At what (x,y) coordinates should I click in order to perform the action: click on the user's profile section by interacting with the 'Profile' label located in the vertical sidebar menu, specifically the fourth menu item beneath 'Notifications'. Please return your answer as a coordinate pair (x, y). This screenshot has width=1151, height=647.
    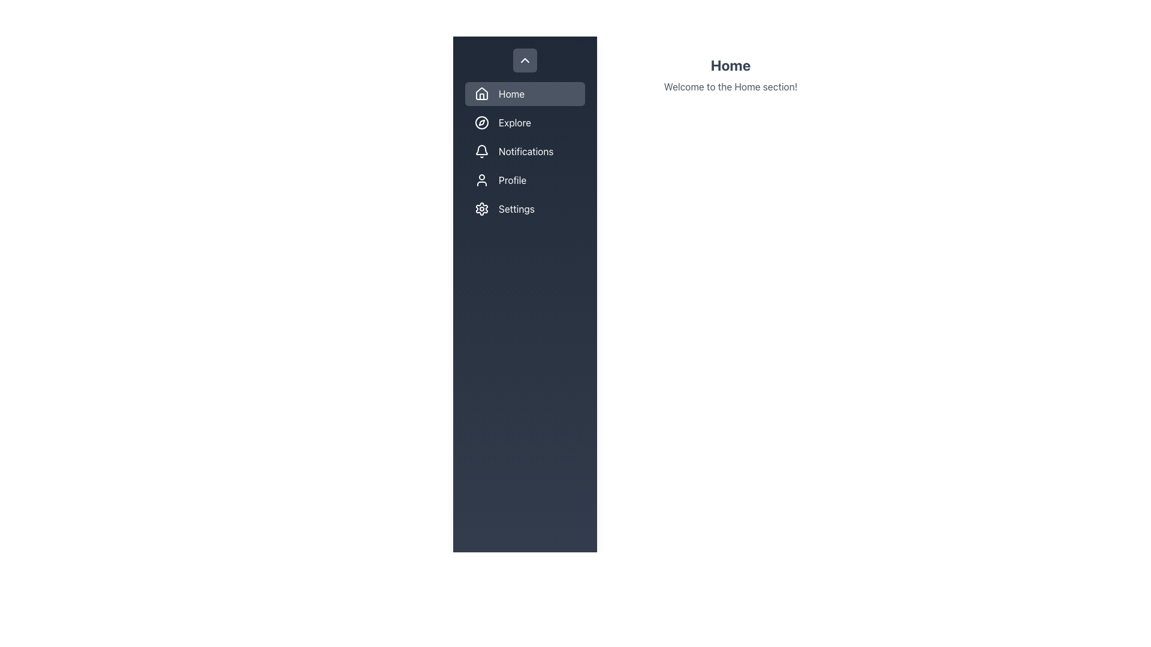
    Looking at the image, I should click on (513, 180).